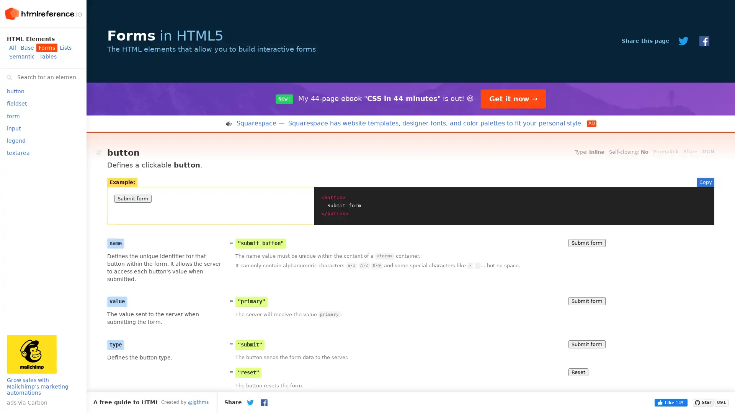 This screenshot has height=413, width=735. Describe the element at coordinates (586, 343) in the screenshot. I see `Submit form` at that location.